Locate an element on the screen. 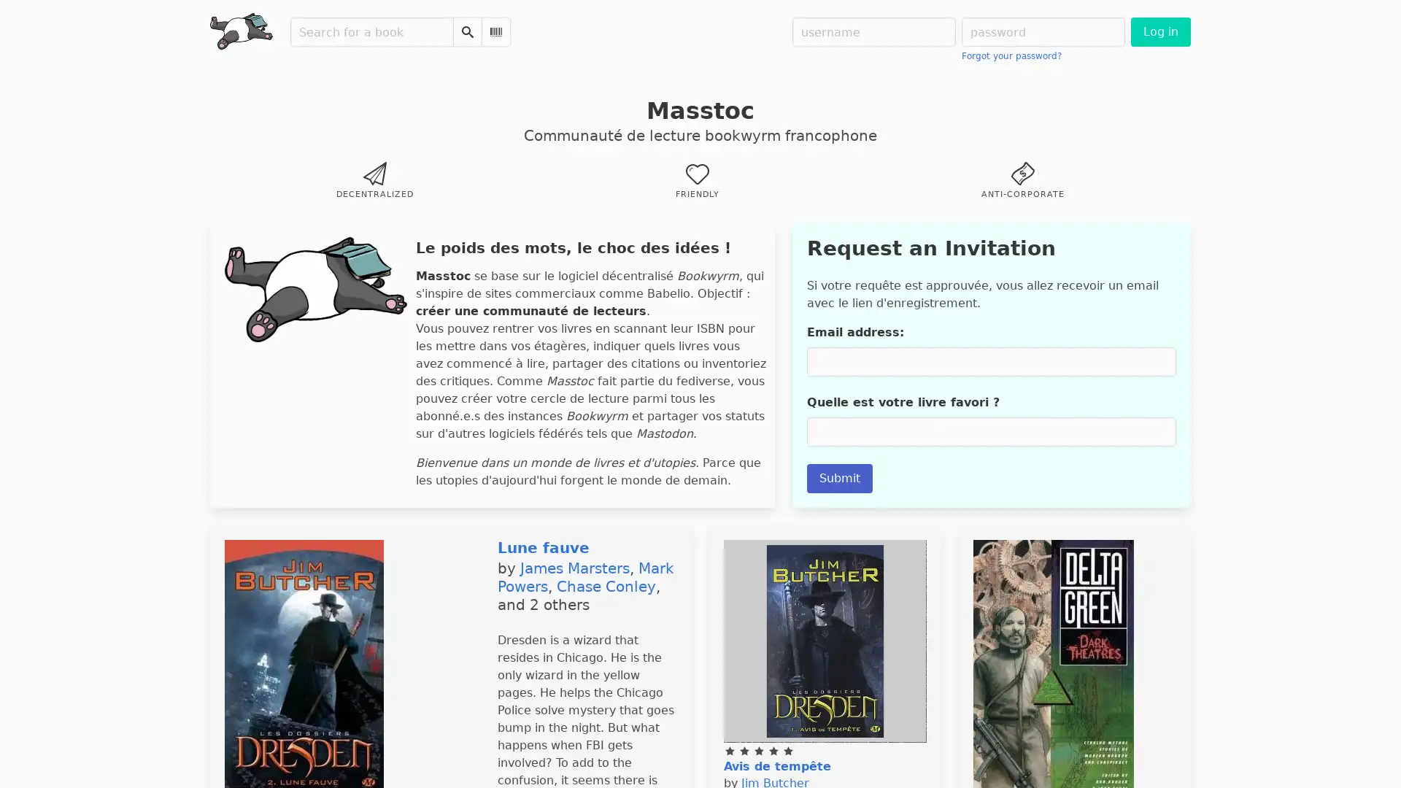  Log in is located at coordinates (1159, 31).